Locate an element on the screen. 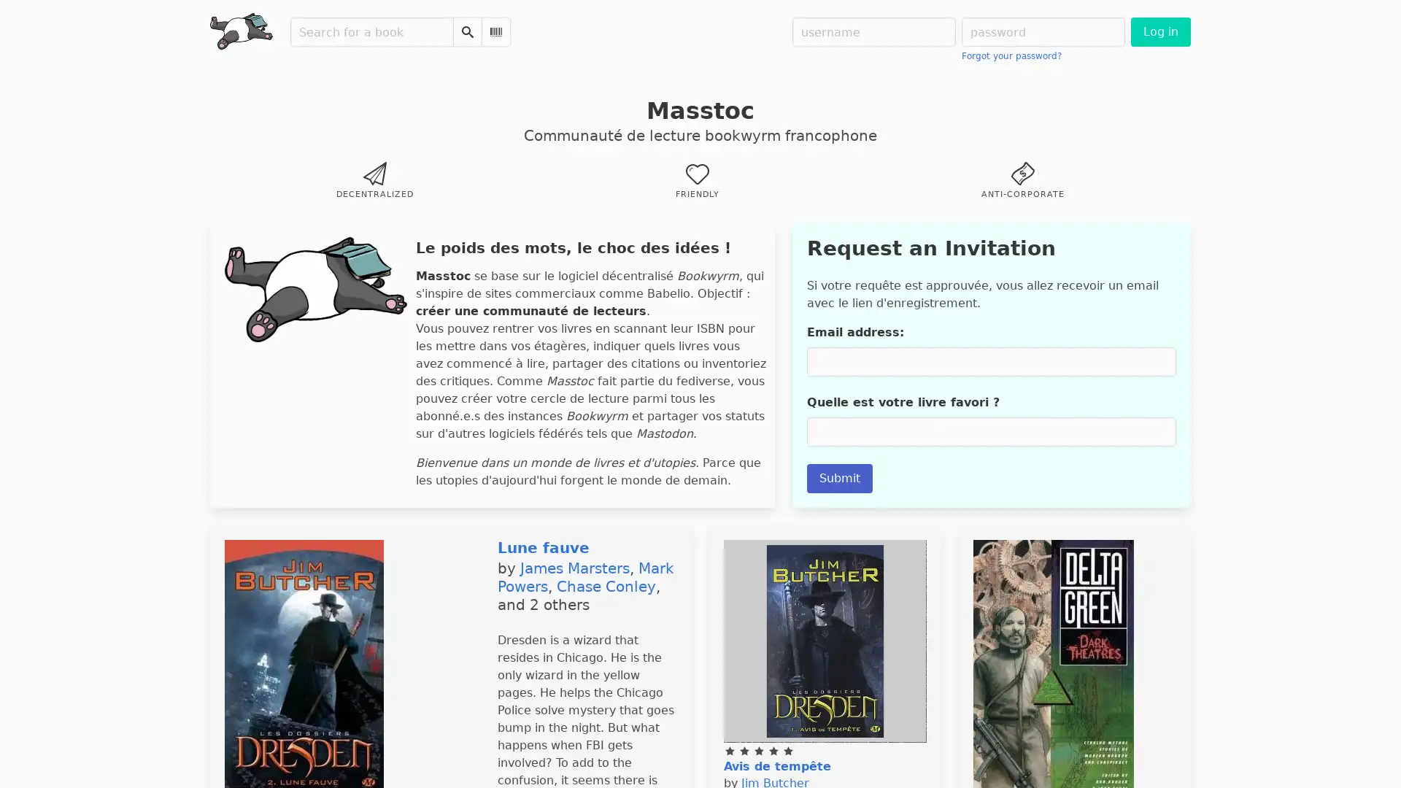  Log in is located at coordinates (1159, 31).